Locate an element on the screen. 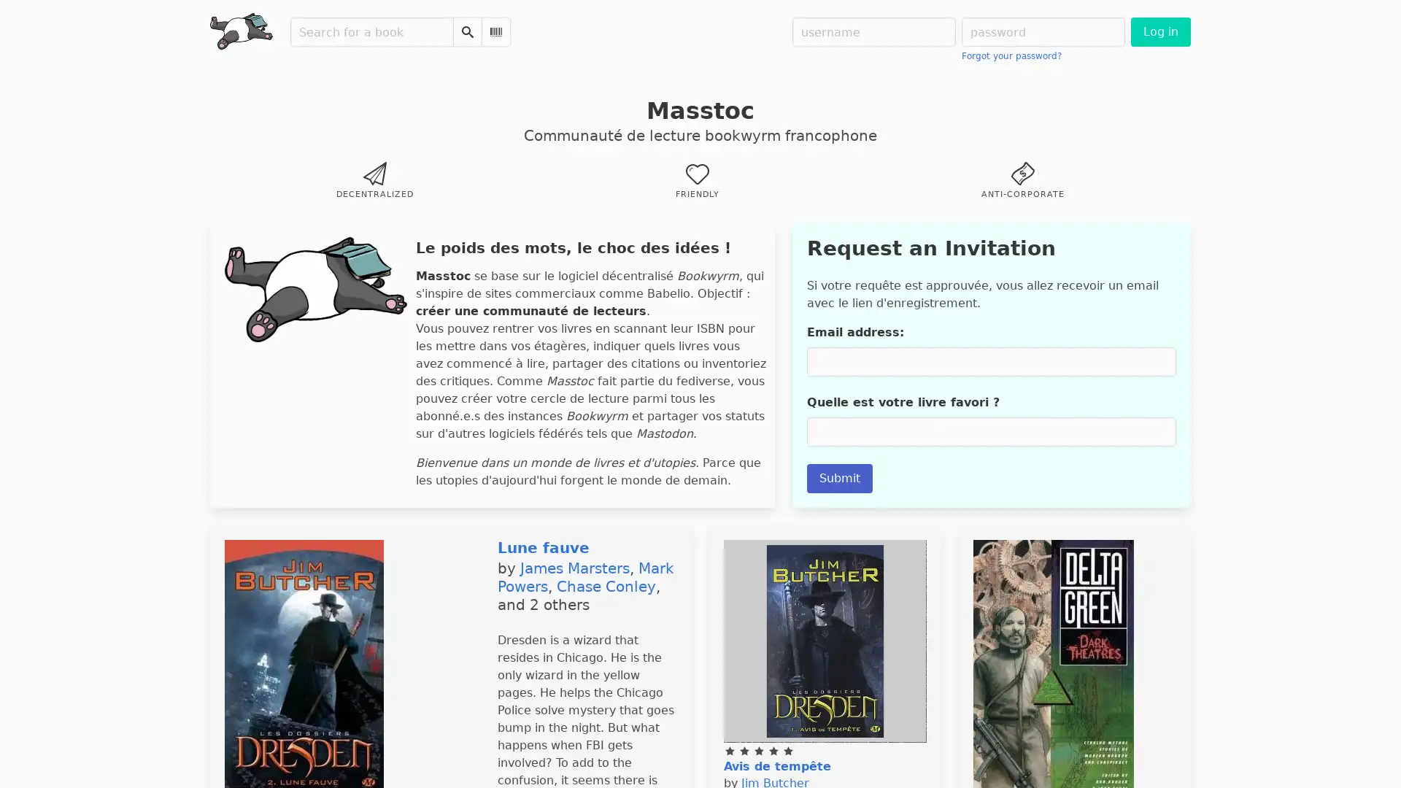  Log in is located at coordinates (1159, 31).